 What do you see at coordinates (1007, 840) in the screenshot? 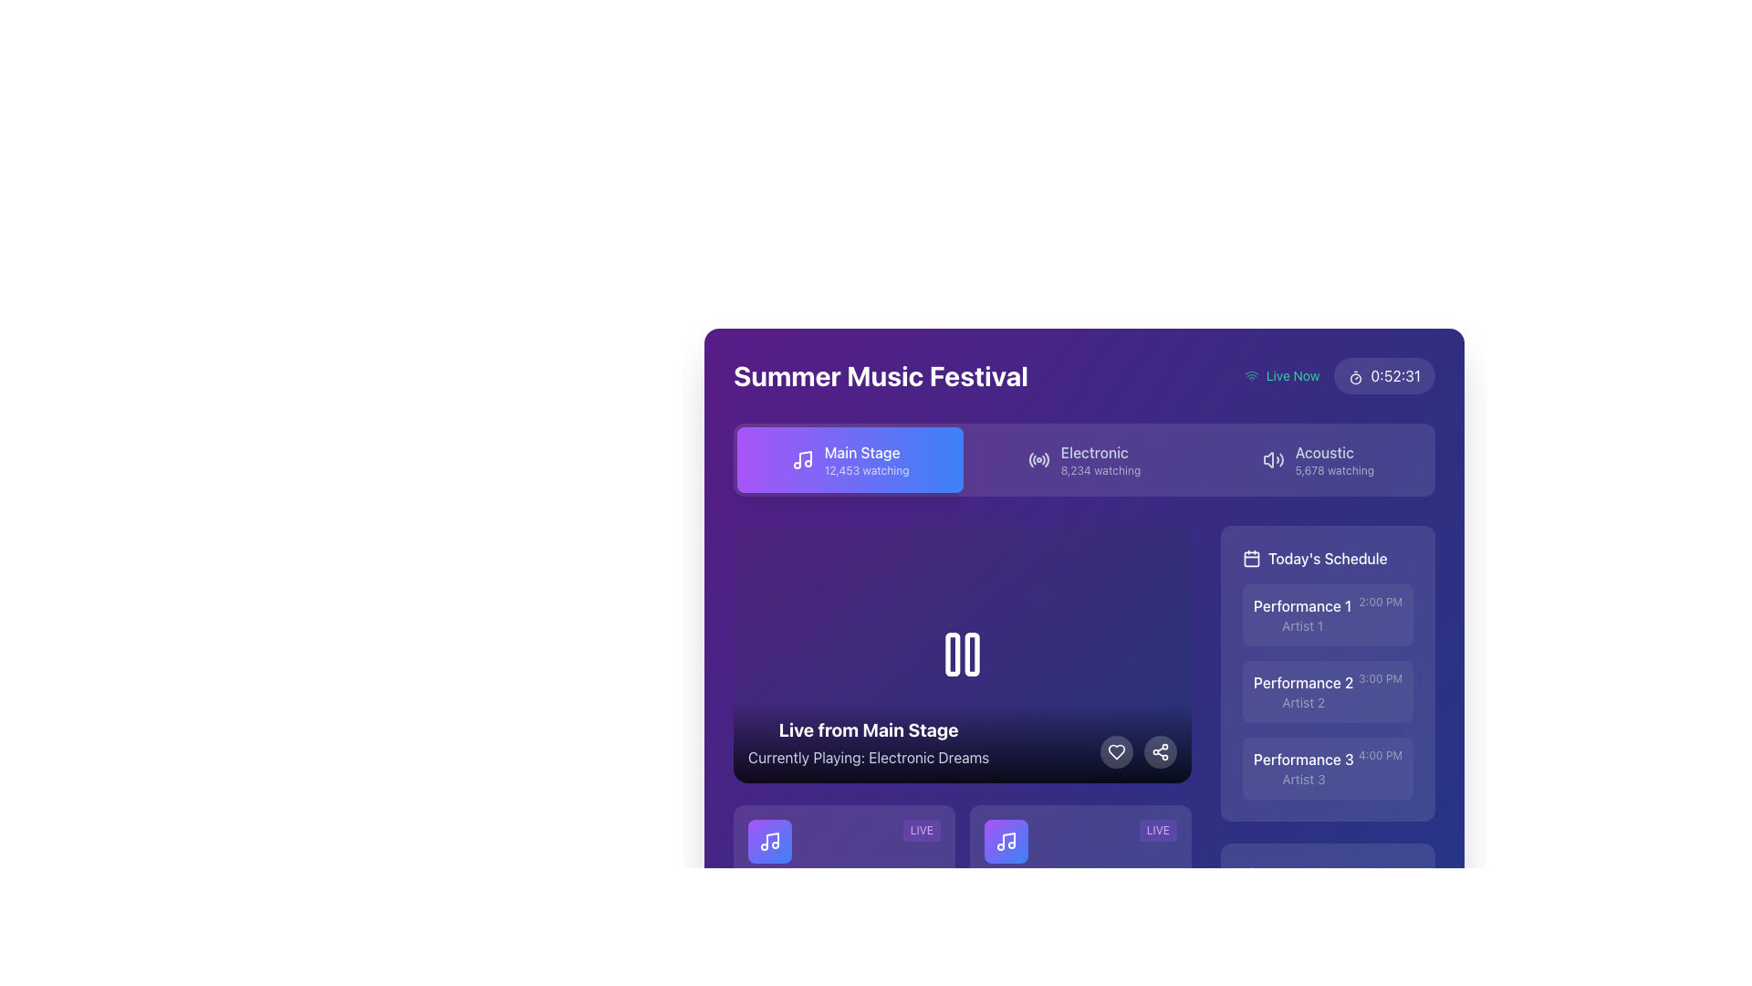
I see `the decorative vector graphic that is part of the musical note icon, located on the right side of the 'Main Stage' button section` at bounding box center [1007, 840].